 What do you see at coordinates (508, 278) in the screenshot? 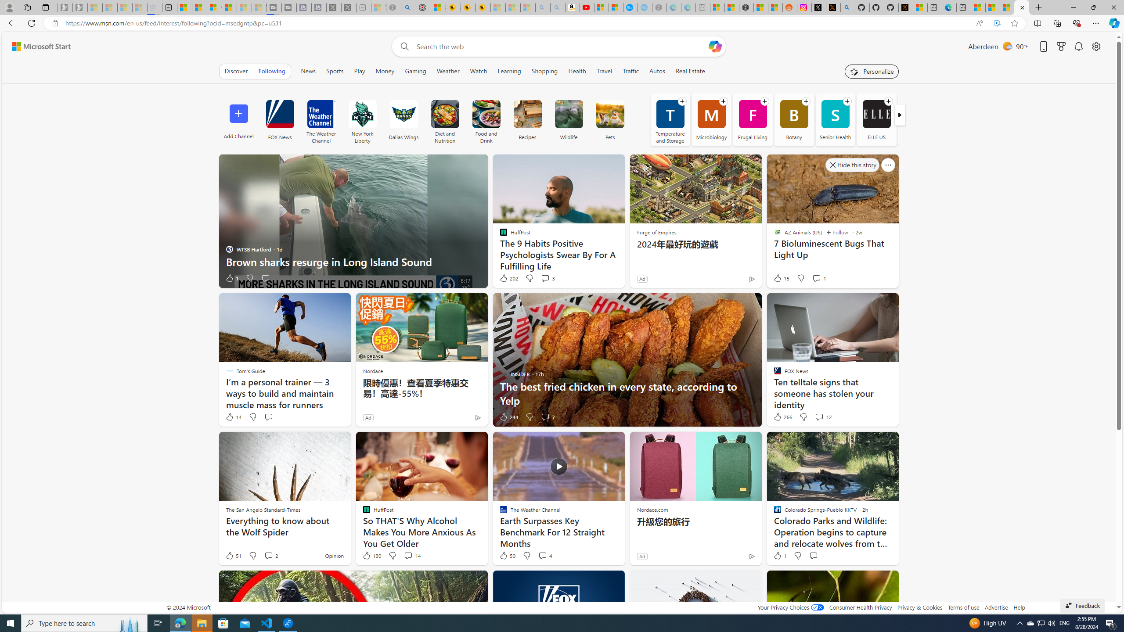
I see `'202 Like'` at bounding box center [508, 278].